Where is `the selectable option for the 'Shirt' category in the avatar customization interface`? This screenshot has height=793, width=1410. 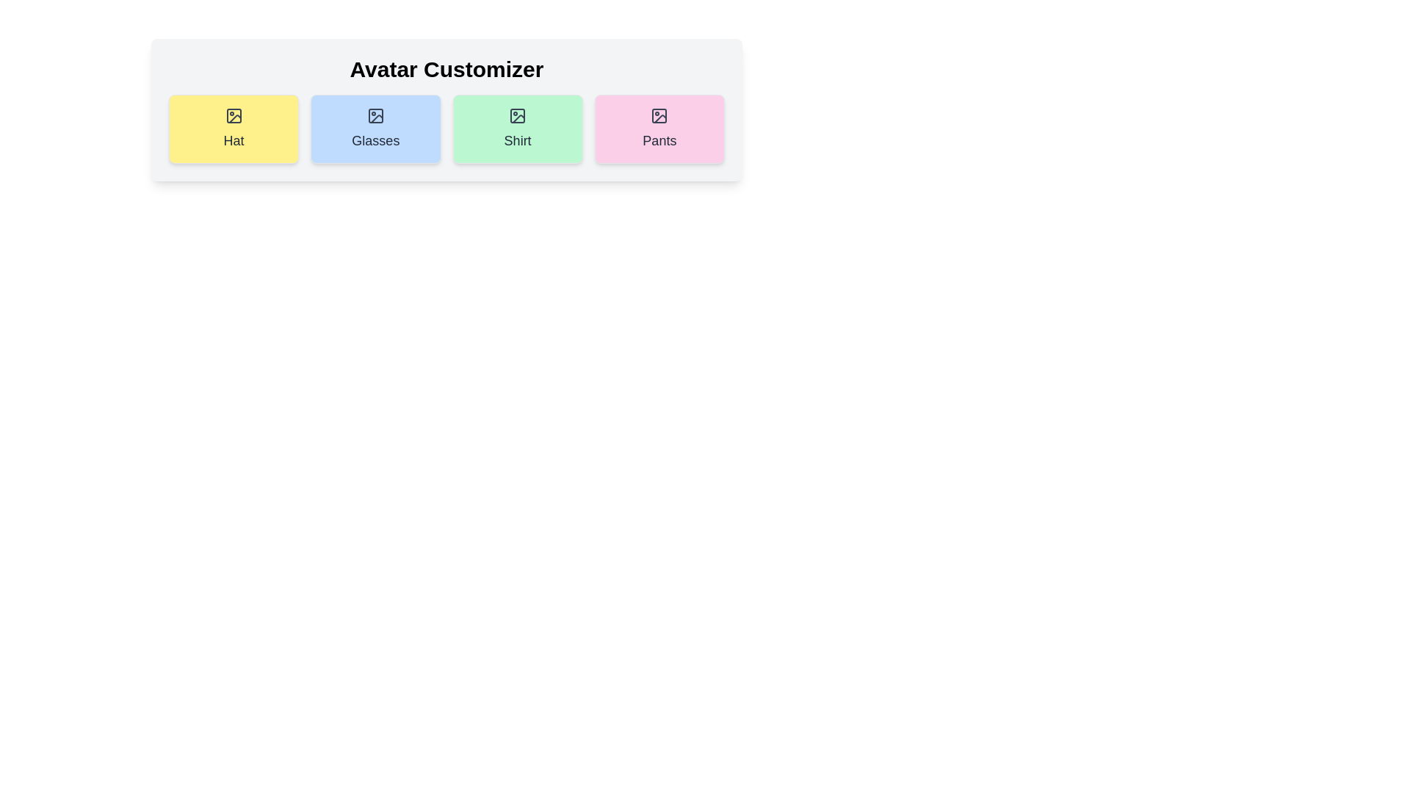
the selectable option for the 'Shirt' category in the avatar customization interface is located at coordinates (518, 128).